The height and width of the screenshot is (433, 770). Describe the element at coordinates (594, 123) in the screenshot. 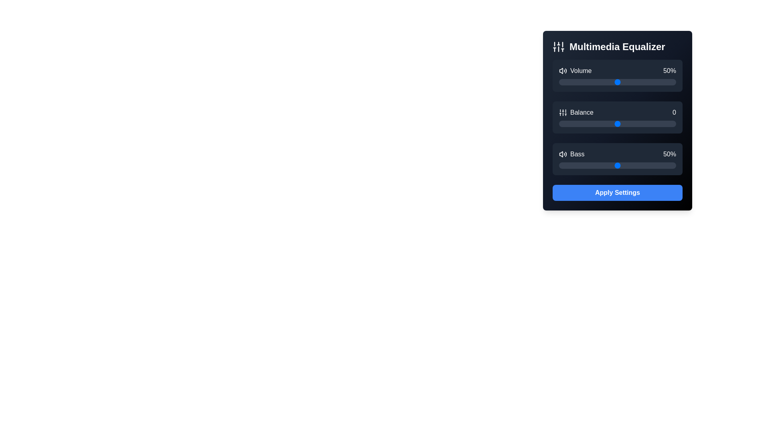

I see `the balance` at that location.